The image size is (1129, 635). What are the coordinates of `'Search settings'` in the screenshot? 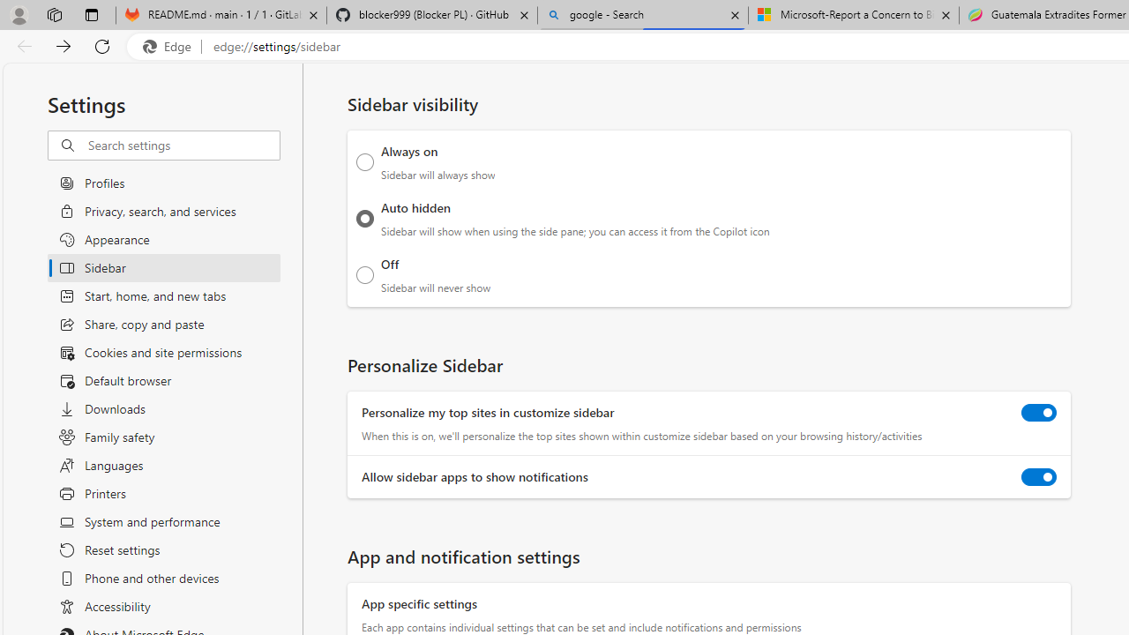 It's located at (183, 145).